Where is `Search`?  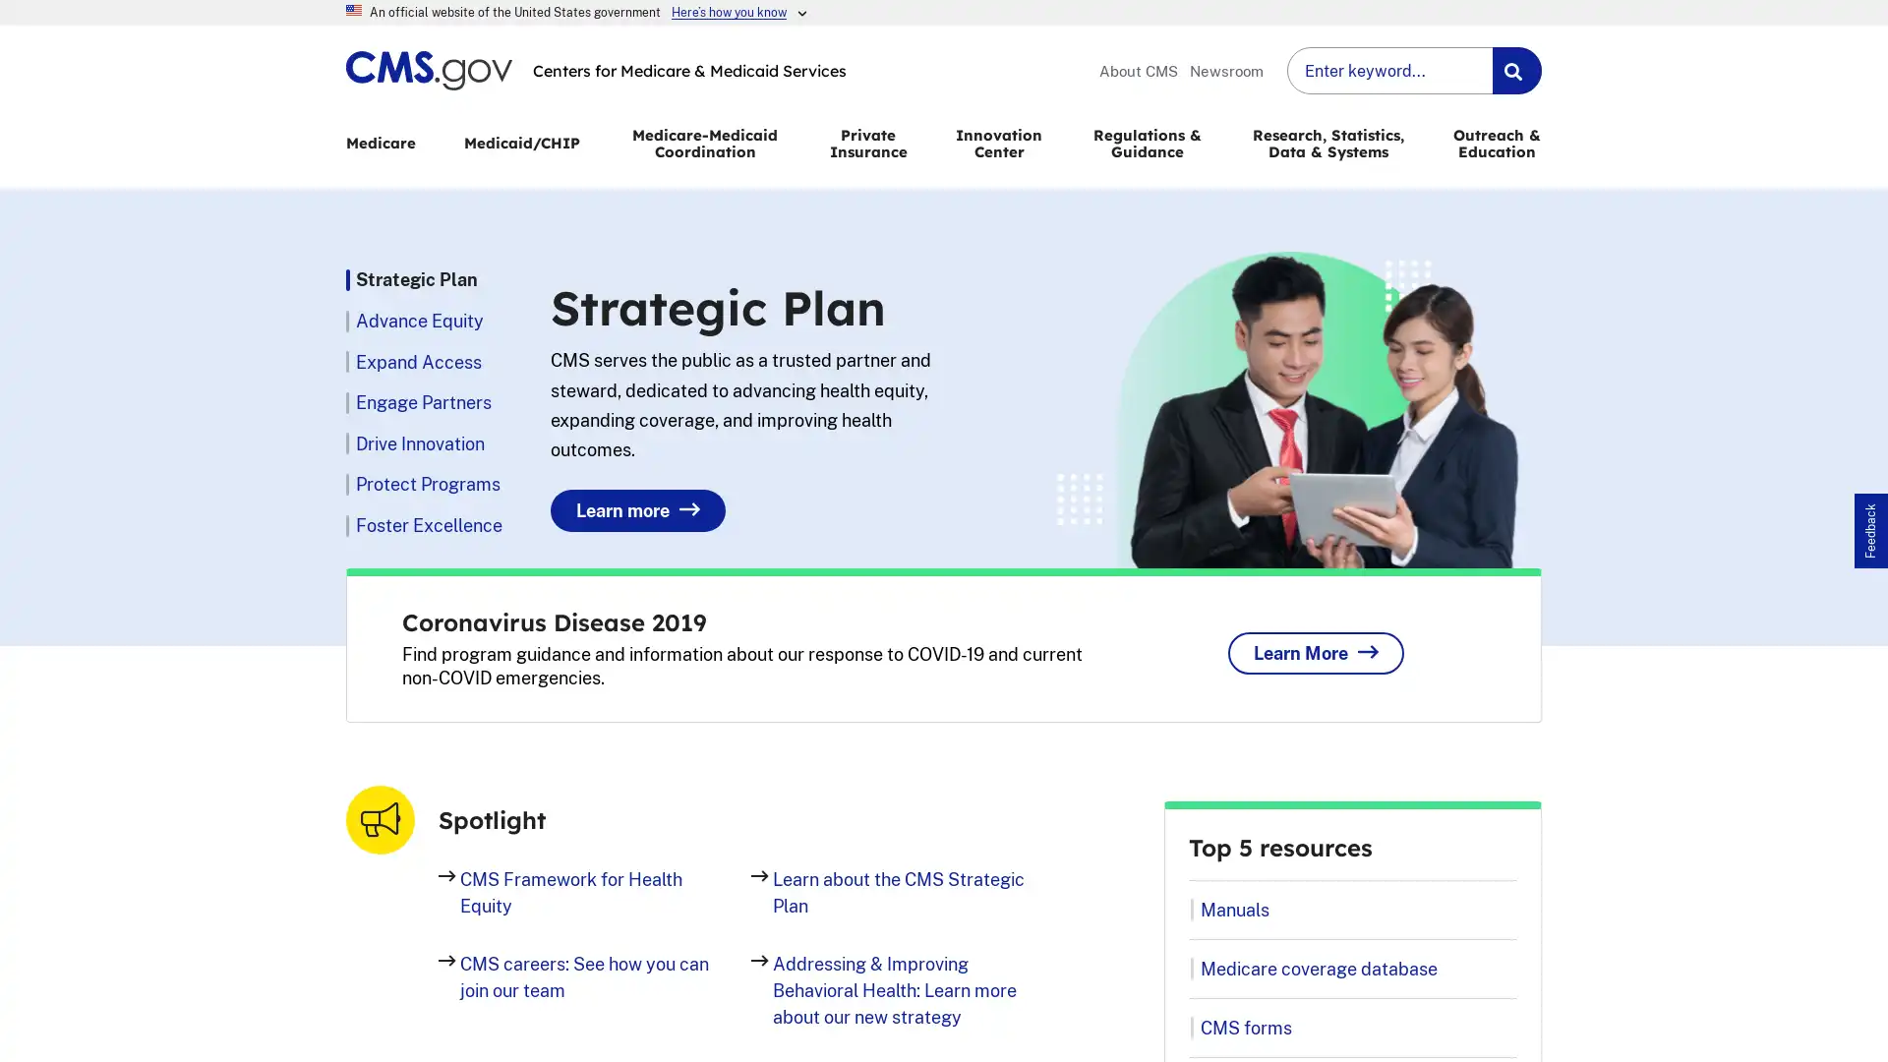 Search is located at coordinates (1515, 70).